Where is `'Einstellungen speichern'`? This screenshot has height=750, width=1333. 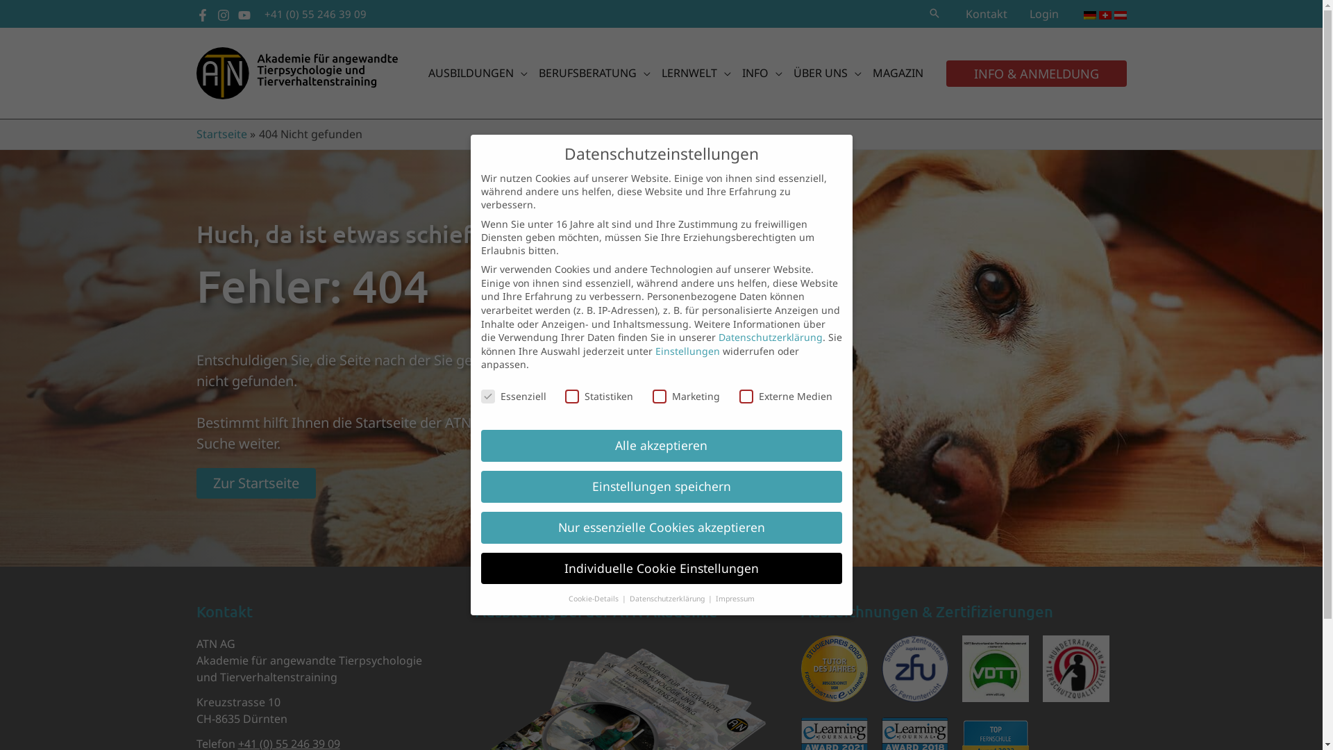 'Einstellungen speichern' is located at coordinates (660, 486).